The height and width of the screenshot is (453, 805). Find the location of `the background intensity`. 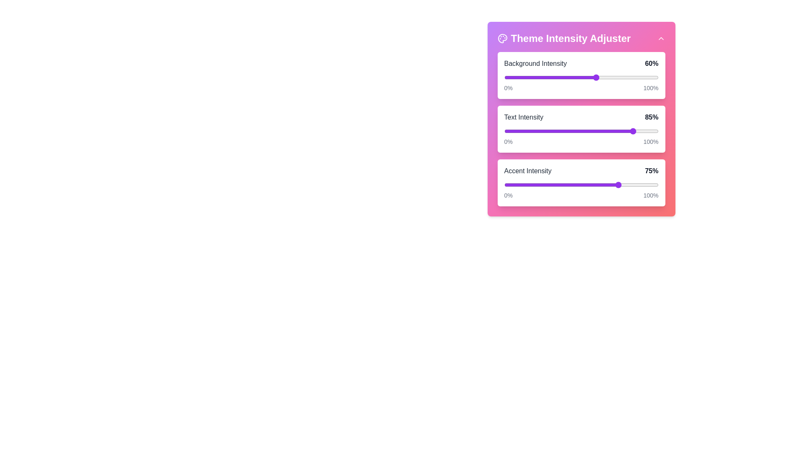

the background intensity is located at coordinates (584, 78).